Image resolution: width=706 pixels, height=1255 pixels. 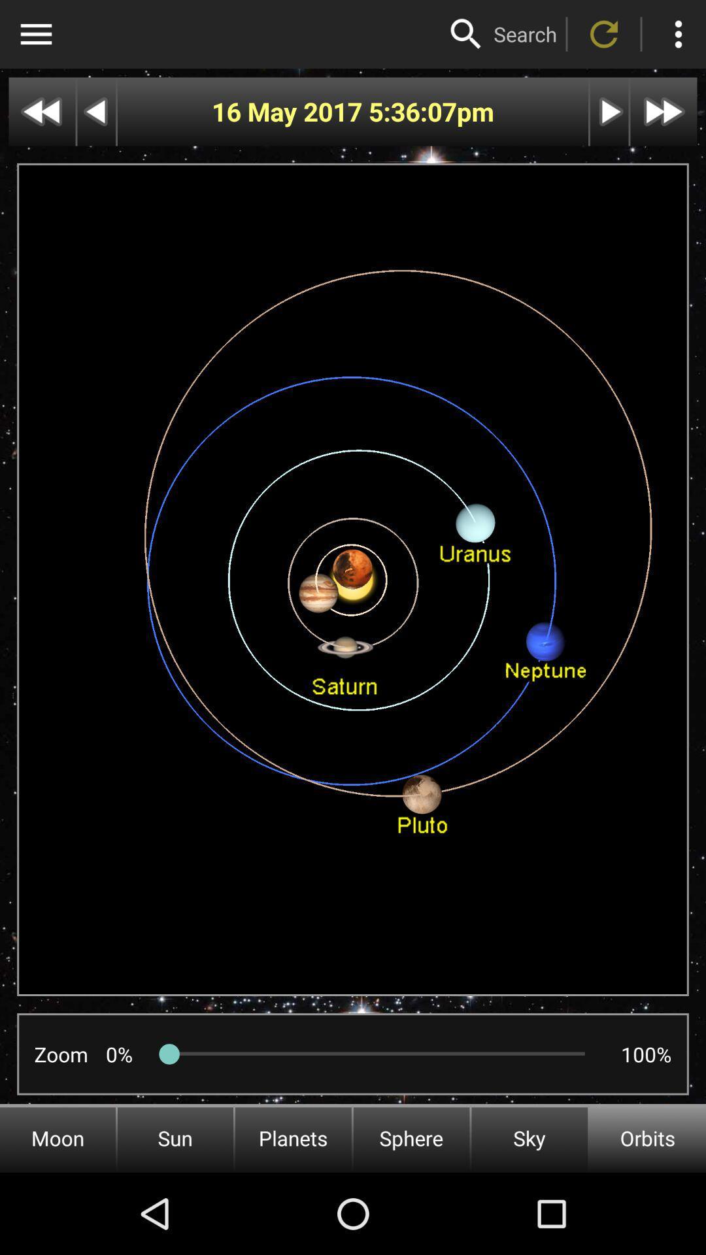 What do you see at coordinates (289, 112) in the screenshot?
I see `item next to 5:36:07 app` at bounding box center [289, 112].